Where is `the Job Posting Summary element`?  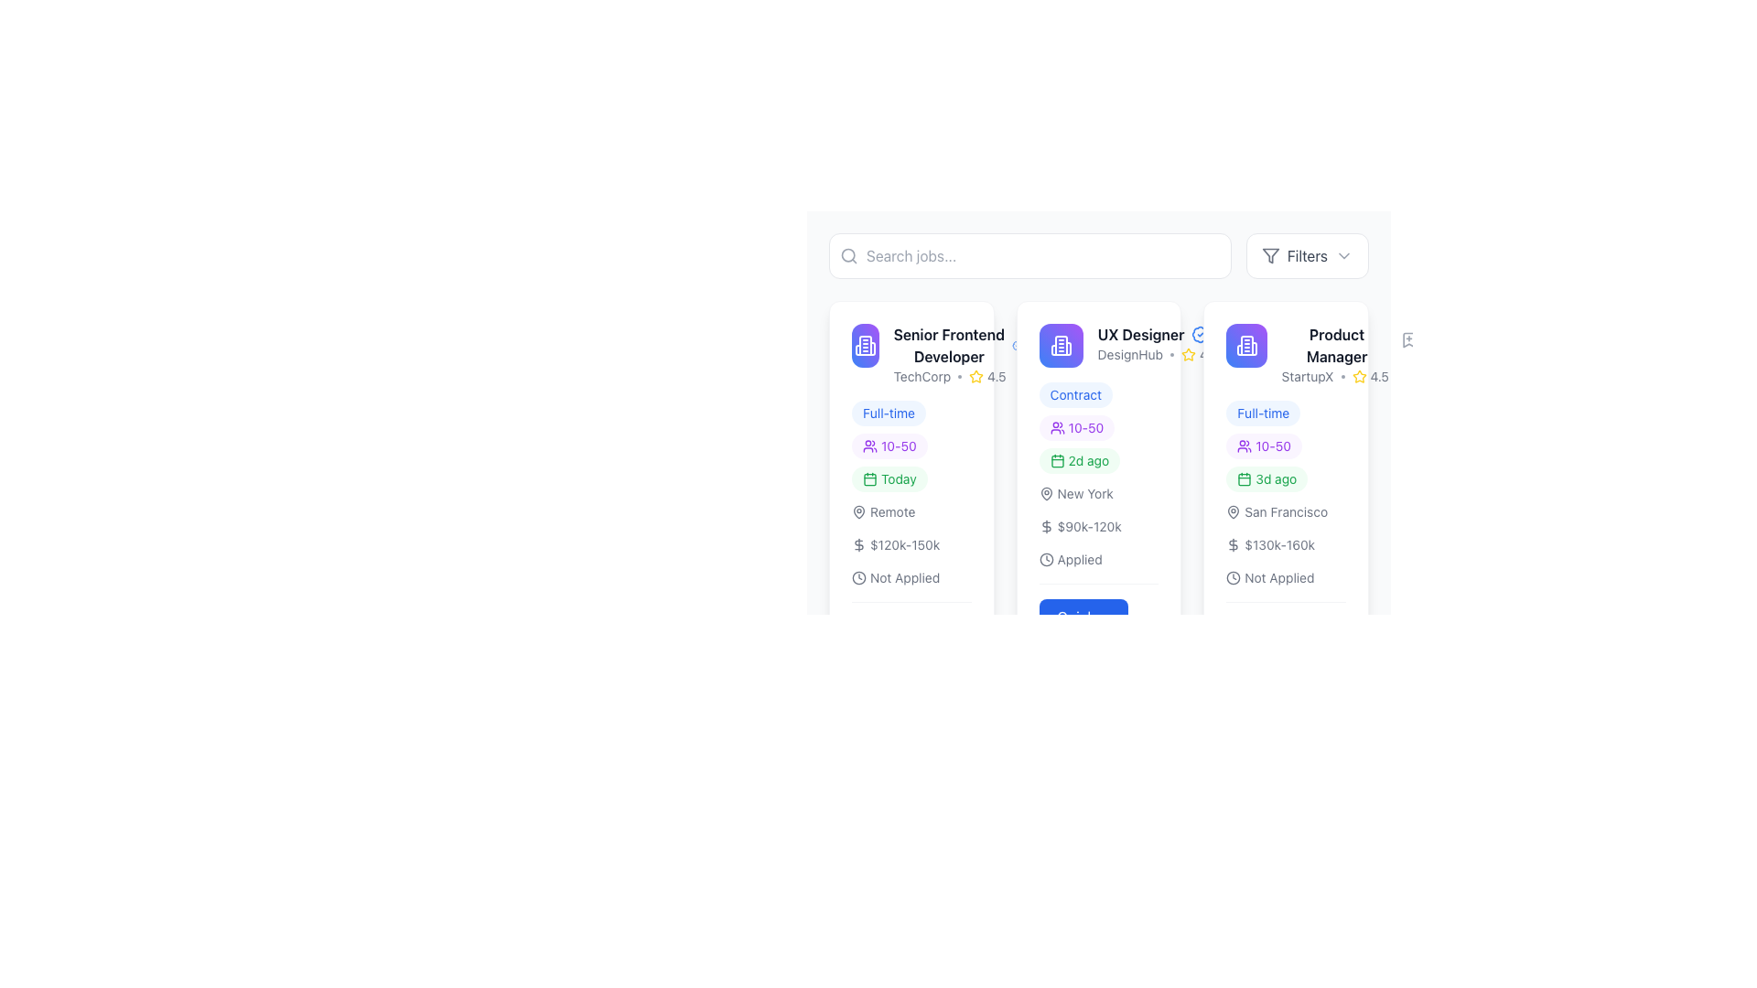 the Job Posting Summary element is located at coordinates (937, 355).